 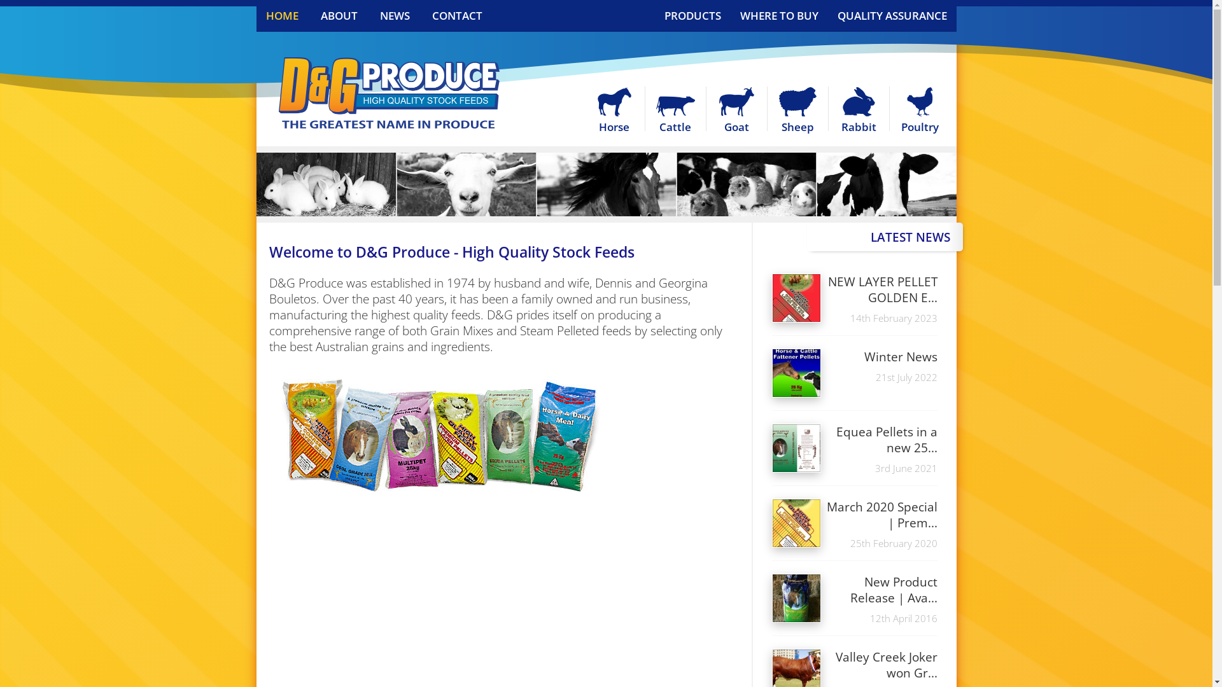 What do you see at coordinates (339, 15) in the screenshot?
I see `'ABOUT'` at bounding box center [339, 15].